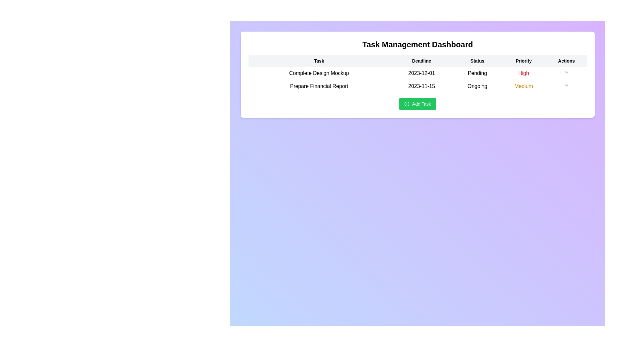  What do you see at coordinates (566, 73) in the screenshot?
I see `the dropdown button in the 'Actions' column associated with the task 'Complete Design Mockup' to potentially reveal a tooltip or change its appearance` at bounding box center [566, 73].